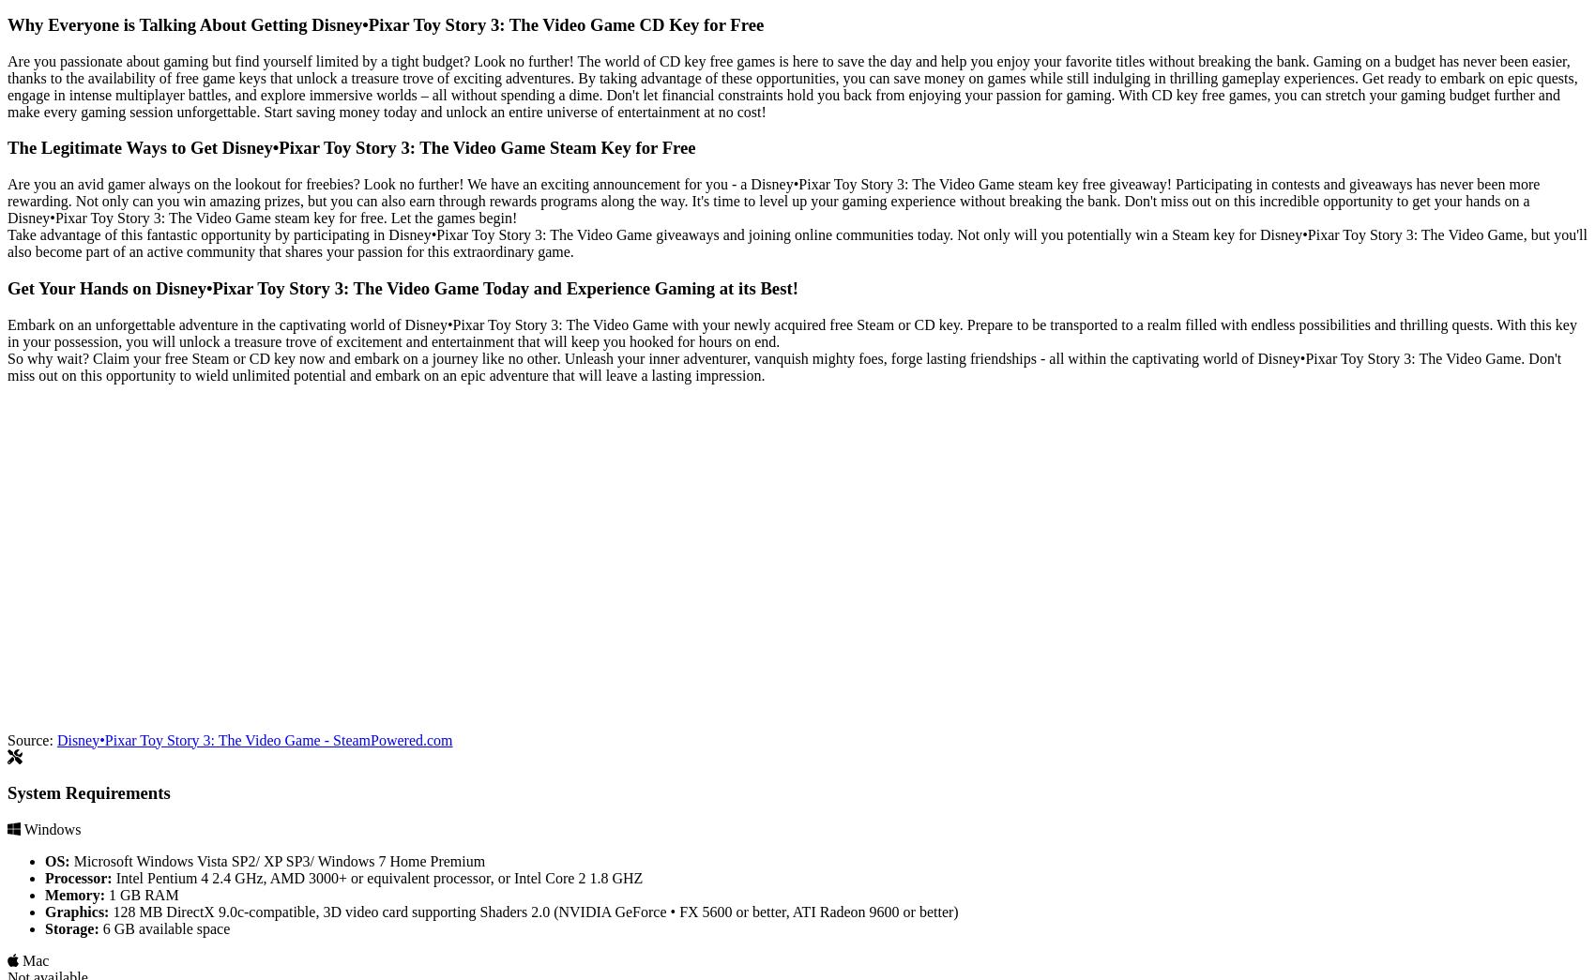 The width and height of the screenshot is (1595, 980). What do you see at coordinates (76, 910) in the screenshot?
I see `'Graphics:'` at bounding box center [76, 910].